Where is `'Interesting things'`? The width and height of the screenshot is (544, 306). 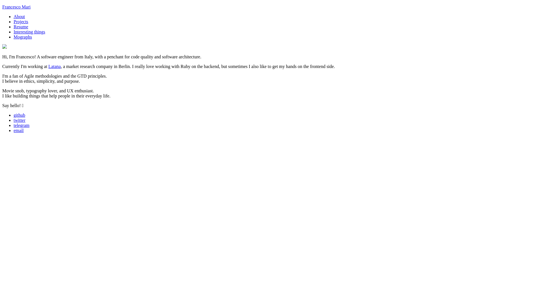 'Interesting things' is located at coordinates (29, 32).